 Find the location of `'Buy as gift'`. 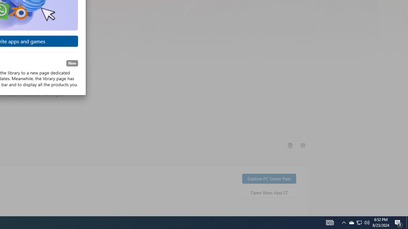

'Buy as gift' is located at coordinates (289, 145).